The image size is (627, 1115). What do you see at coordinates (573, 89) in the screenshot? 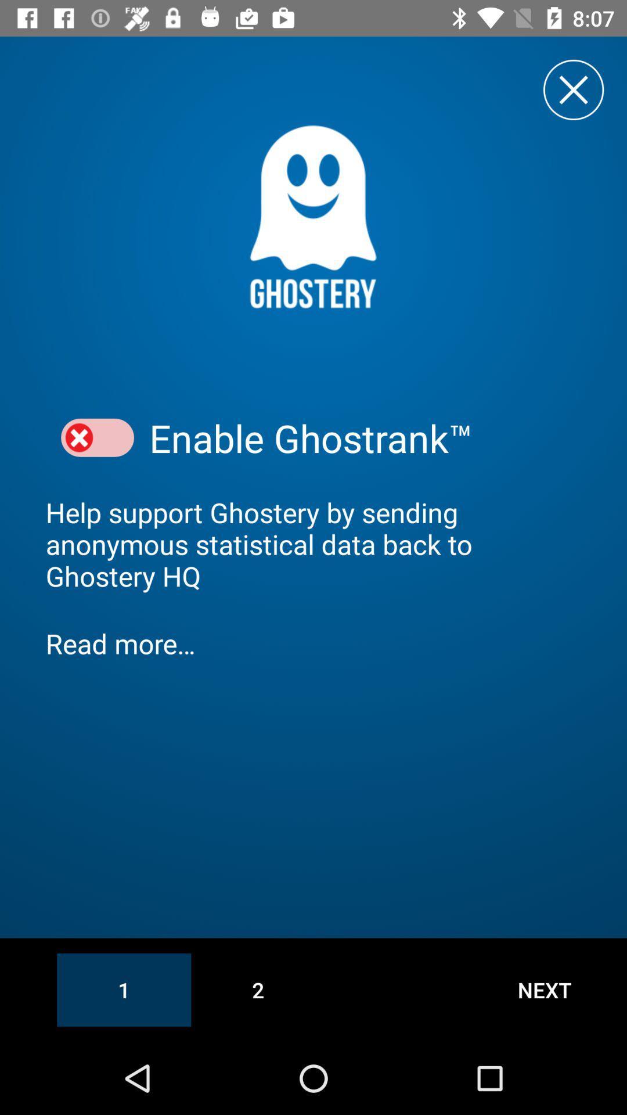
I see `exit` at bounding box center [573, 89].